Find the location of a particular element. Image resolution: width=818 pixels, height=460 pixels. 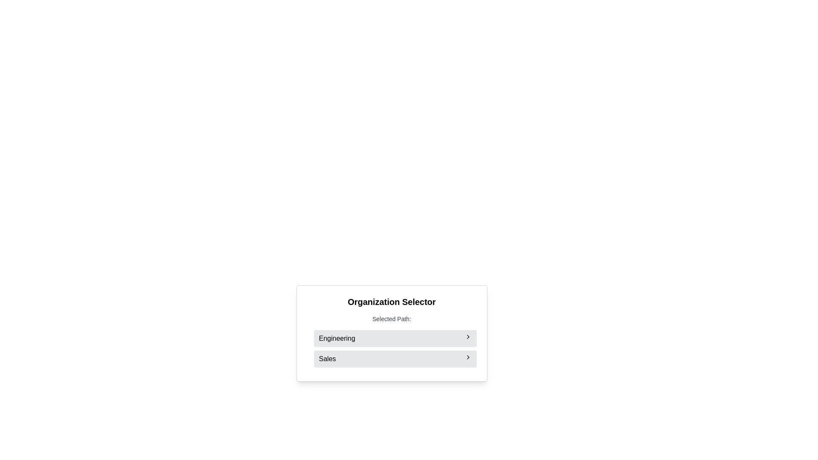

the first selectable button in the 'EngineeringSales' group is located at coordinates (395, 338).